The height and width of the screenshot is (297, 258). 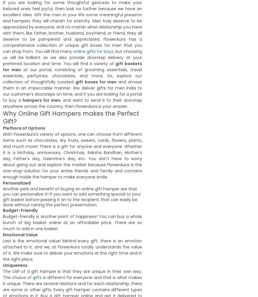 What do you see at coordinates (105, 124) in the screenshot?
I see `'Great product and professional servicing'` at bounding box center [105, 124].